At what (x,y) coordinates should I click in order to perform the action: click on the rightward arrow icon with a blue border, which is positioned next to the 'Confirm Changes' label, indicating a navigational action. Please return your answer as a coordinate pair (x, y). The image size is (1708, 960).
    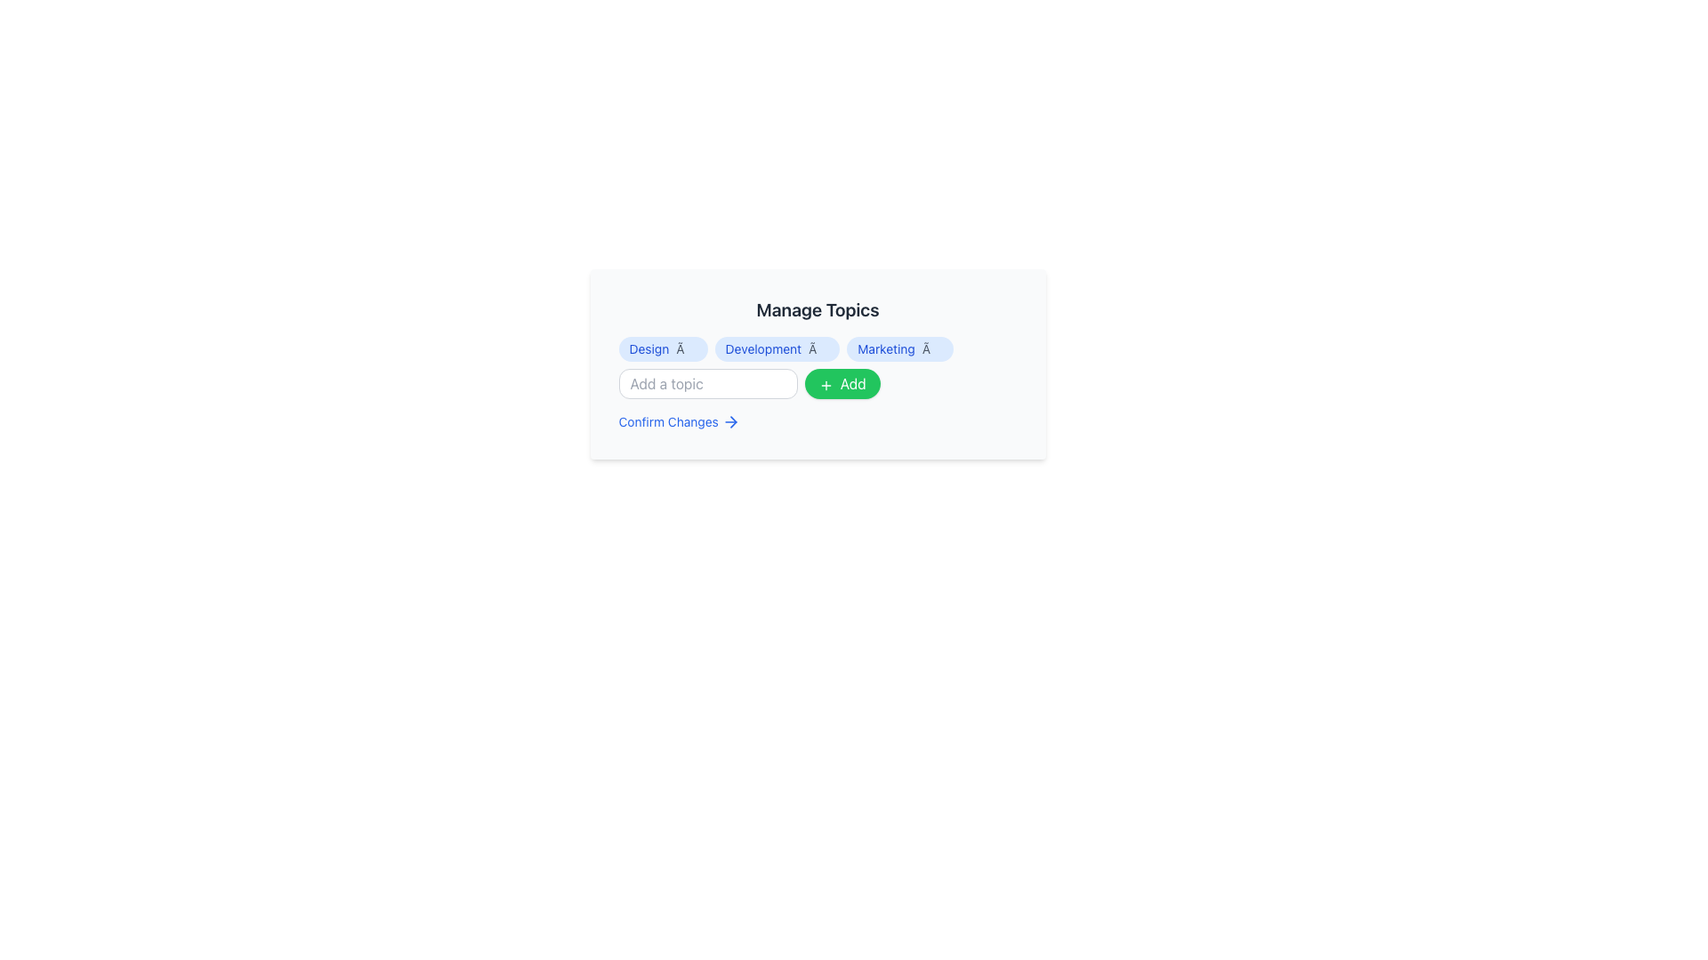
    Looking at the image, I should click on (730, 421).